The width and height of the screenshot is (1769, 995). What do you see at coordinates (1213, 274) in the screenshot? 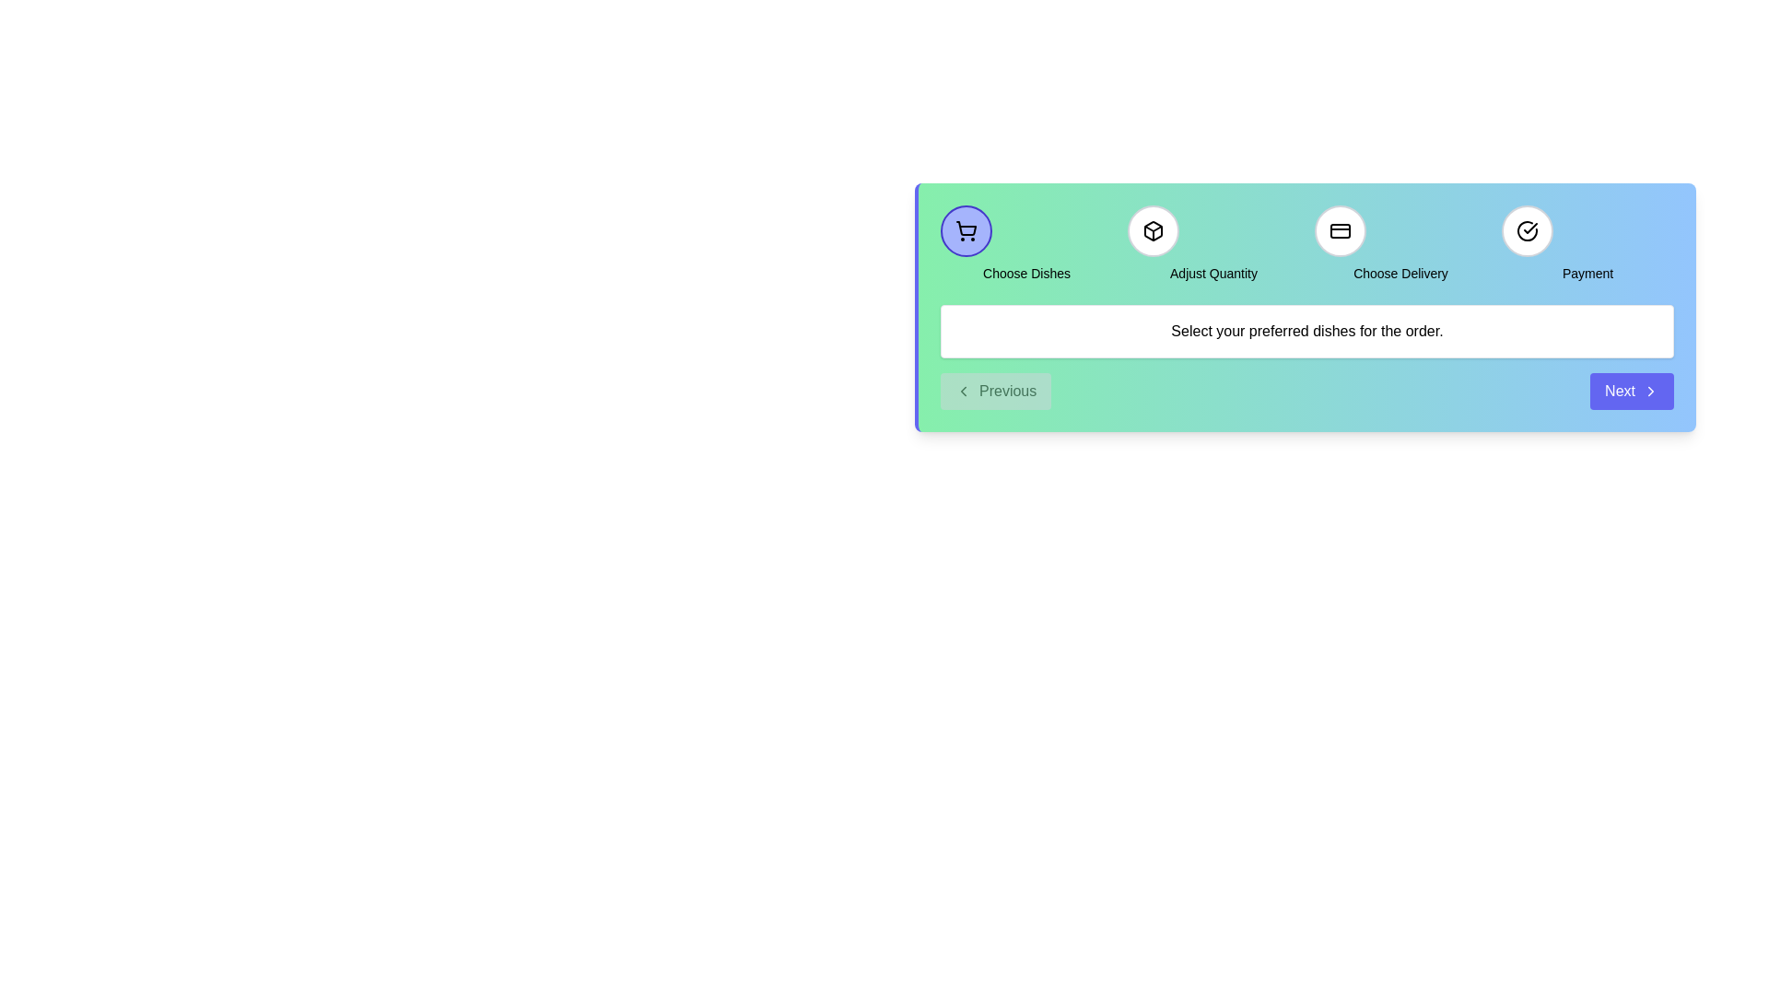
I see `the 'Adjust Quantity' text label` at bounding box center [1213, 274].